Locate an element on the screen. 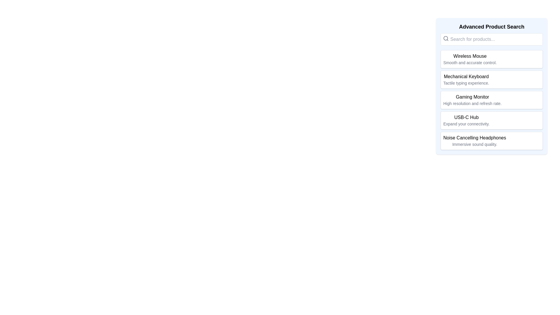 The width and height of the screenshot is (560, 315). the text element displaying 'Wireless Mouse' located in the sidebar labeled 'Advanced Product Search', positioned above the descriptive text 'Smooth and accurate control.' is located at coordinates (470, 56).